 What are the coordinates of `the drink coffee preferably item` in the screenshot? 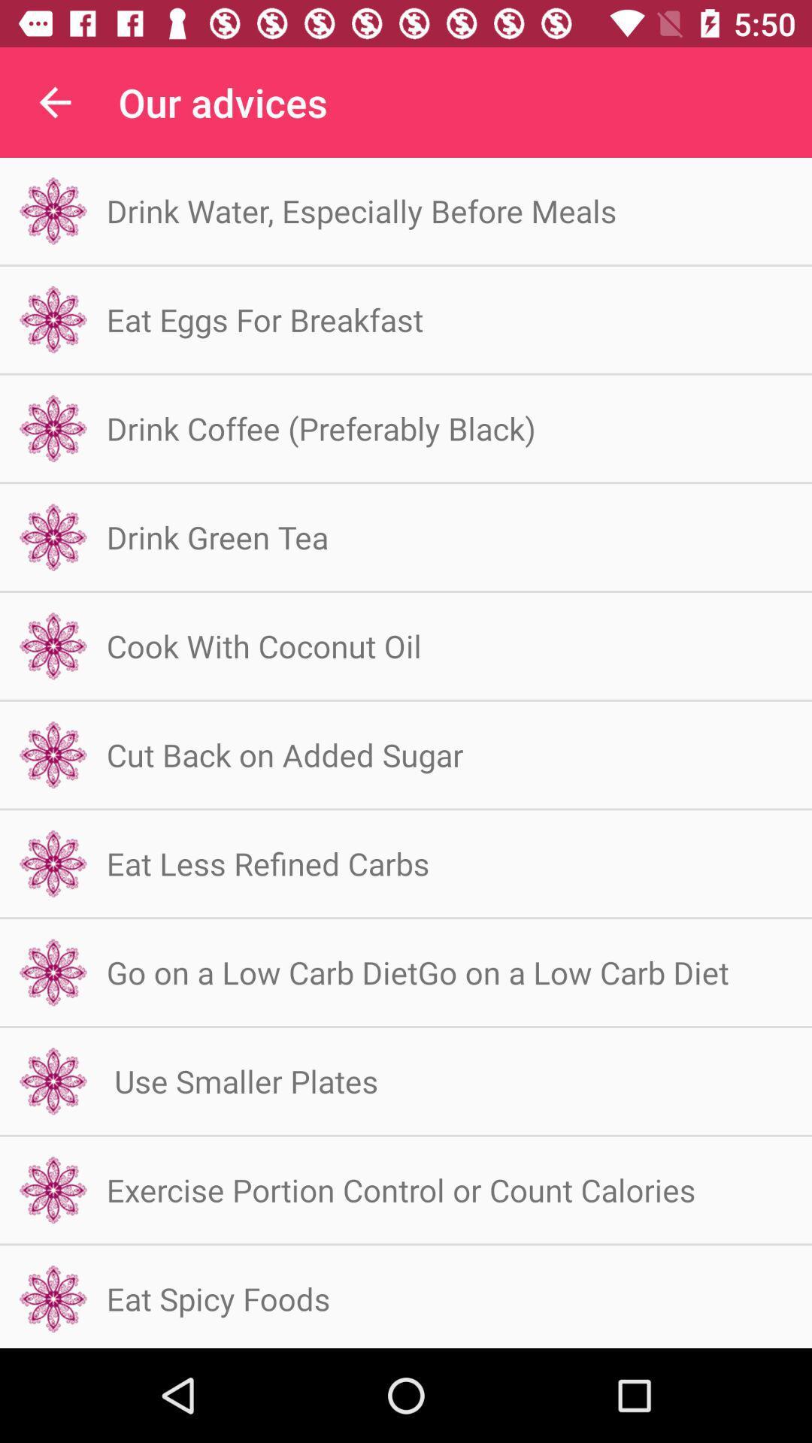 It's located at (320, 428).